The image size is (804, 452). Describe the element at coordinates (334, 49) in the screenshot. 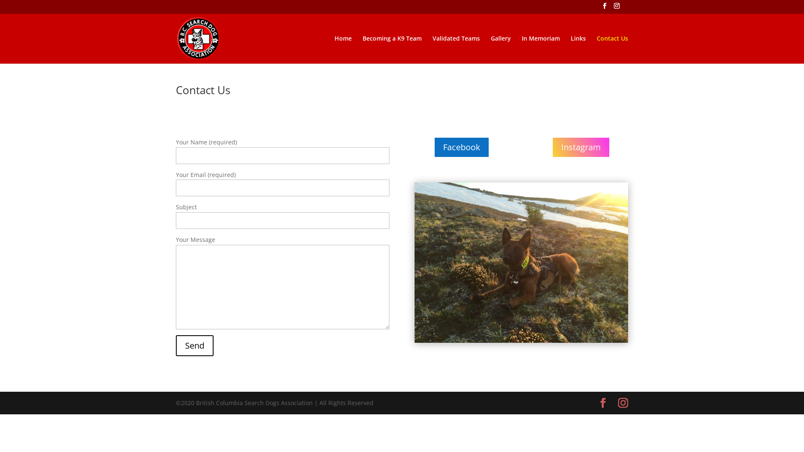

I see `'Home'` at that location.